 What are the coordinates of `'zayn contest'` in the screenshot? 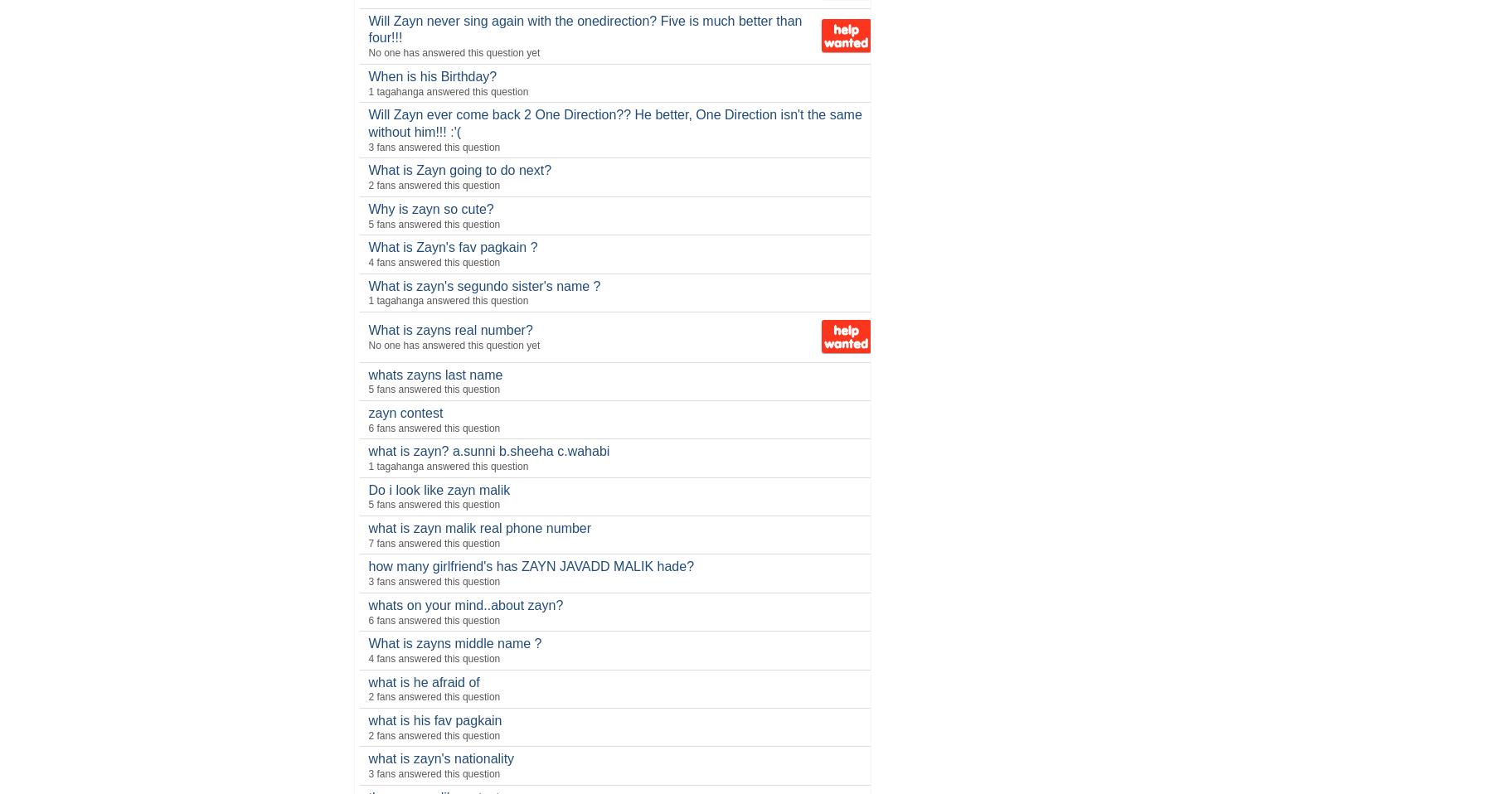 It's located at (404, 411).